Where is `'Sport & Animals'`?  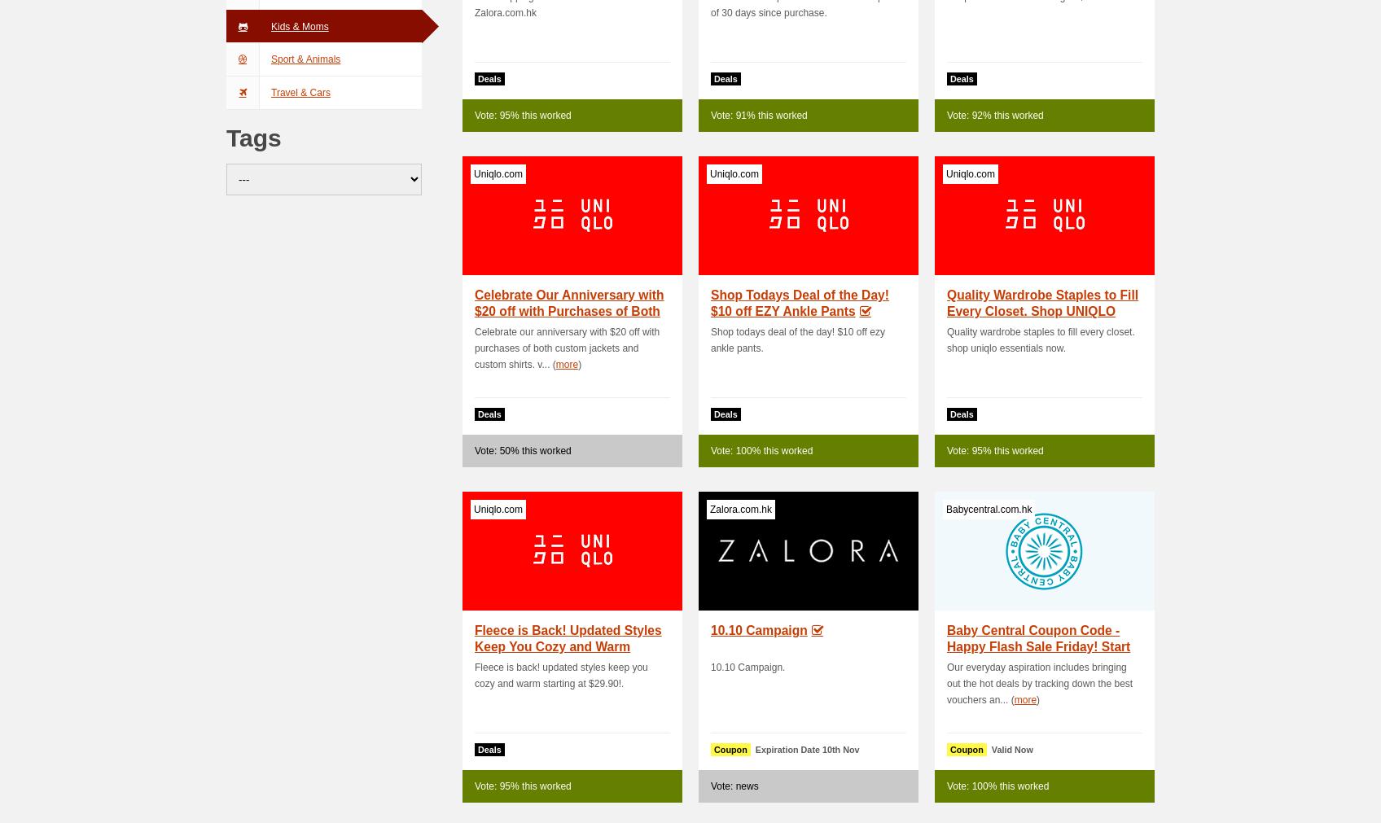
'Sport & Animals' is located at coordinates (270, 58).